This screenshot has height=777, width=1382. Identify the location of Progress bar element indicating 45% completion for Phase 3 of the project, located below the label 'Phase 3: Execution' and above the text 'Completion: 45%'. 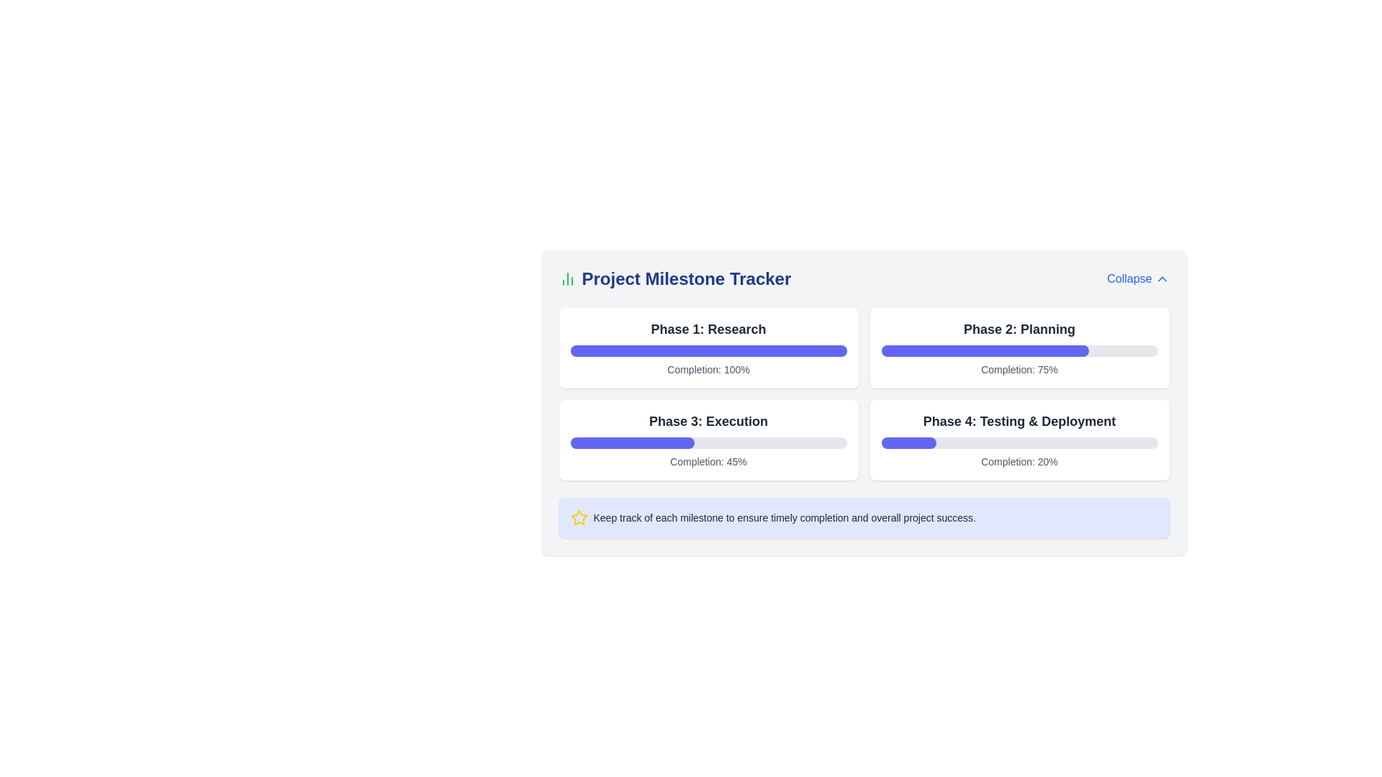
(708, 442).